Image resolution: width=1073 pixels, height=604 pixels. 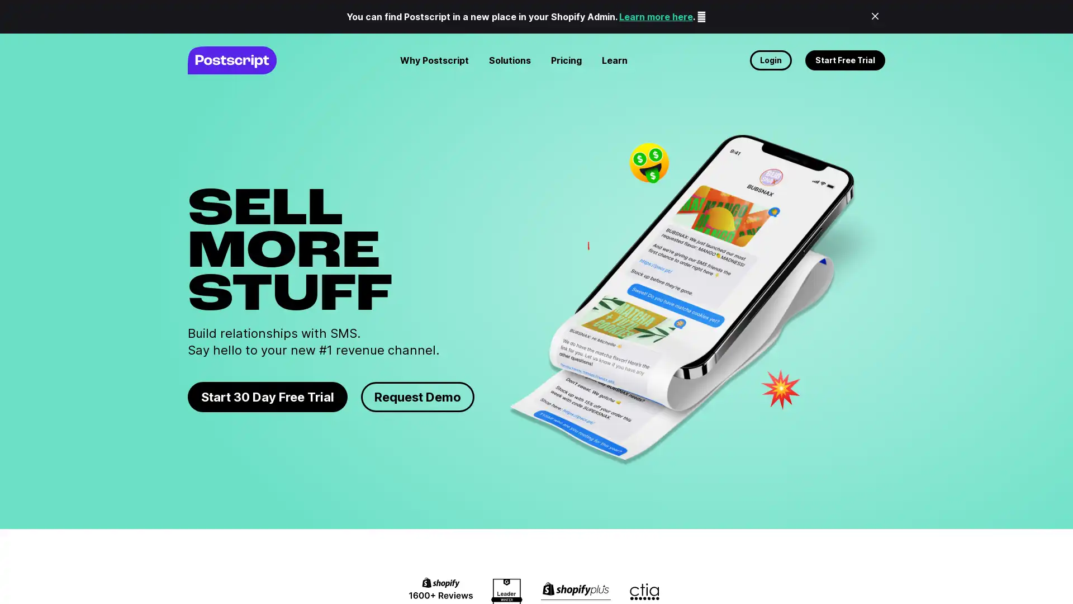 What do you see at coordinates (968, 587) in the screenshot?
I see `No thanks, maybe later.` at bounding box center [968, 587].